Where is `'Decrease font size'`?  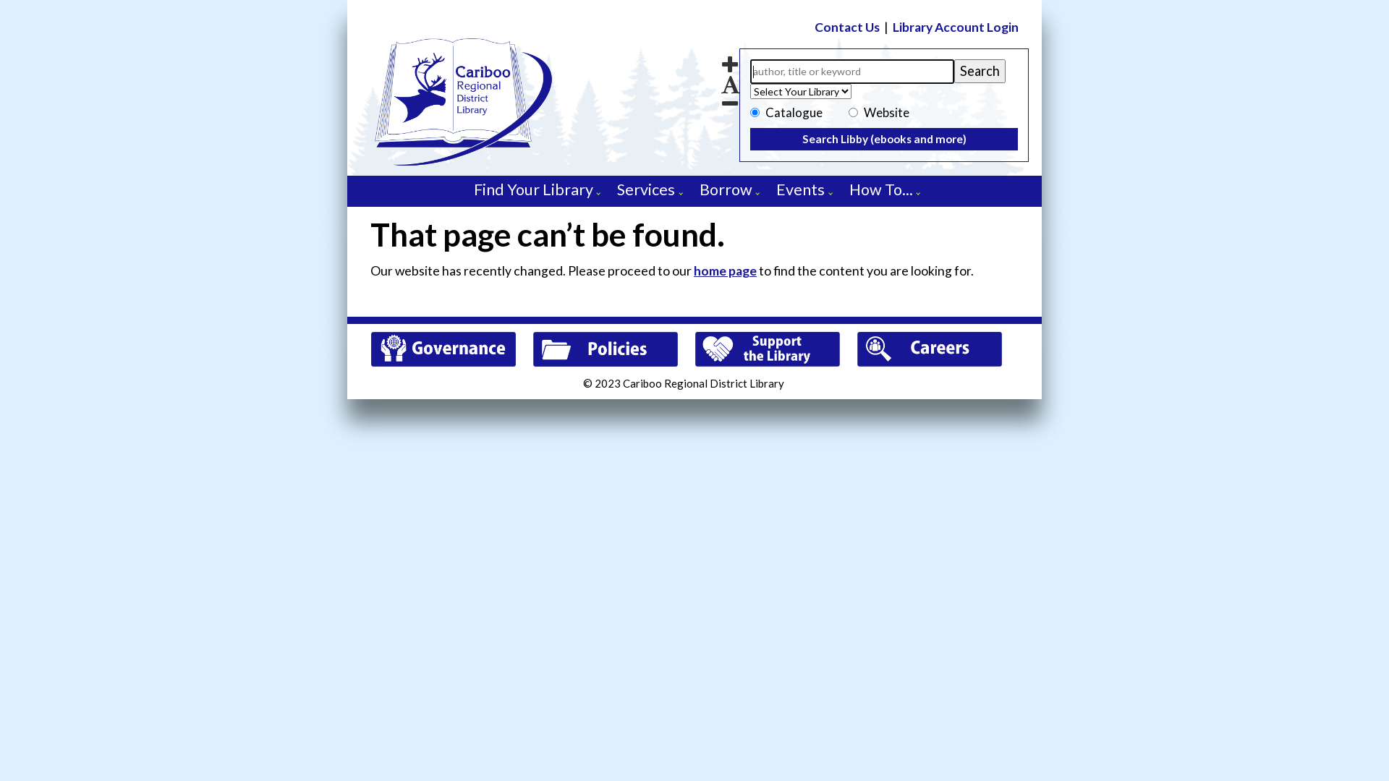
'Decrease font size' is located at coordinates (730, 102).